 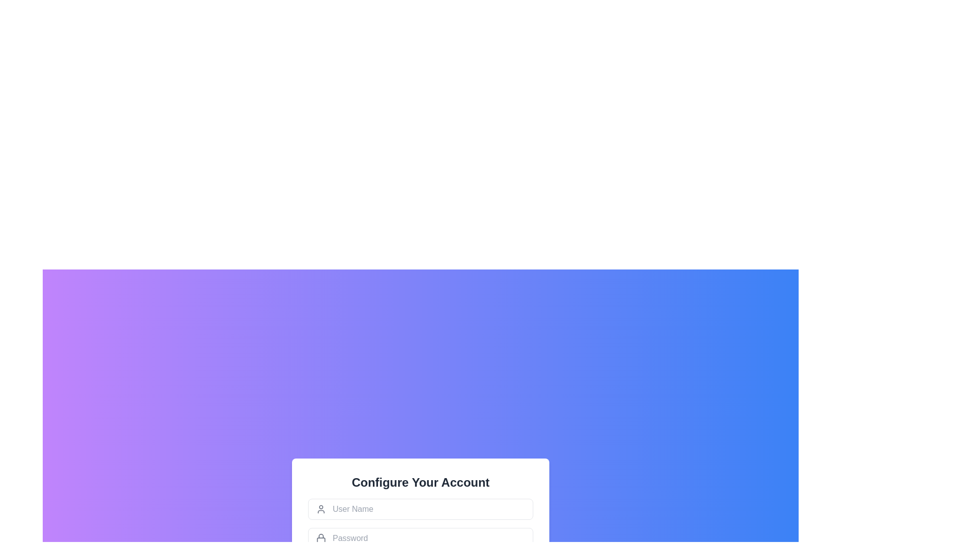 What do you see at coordinates (320, 539) in the screenshot?
I see `the lower portion of the lock icon, which represents security for the adjacent password input field labeled 'Password'` at bounding box center [320, 539].